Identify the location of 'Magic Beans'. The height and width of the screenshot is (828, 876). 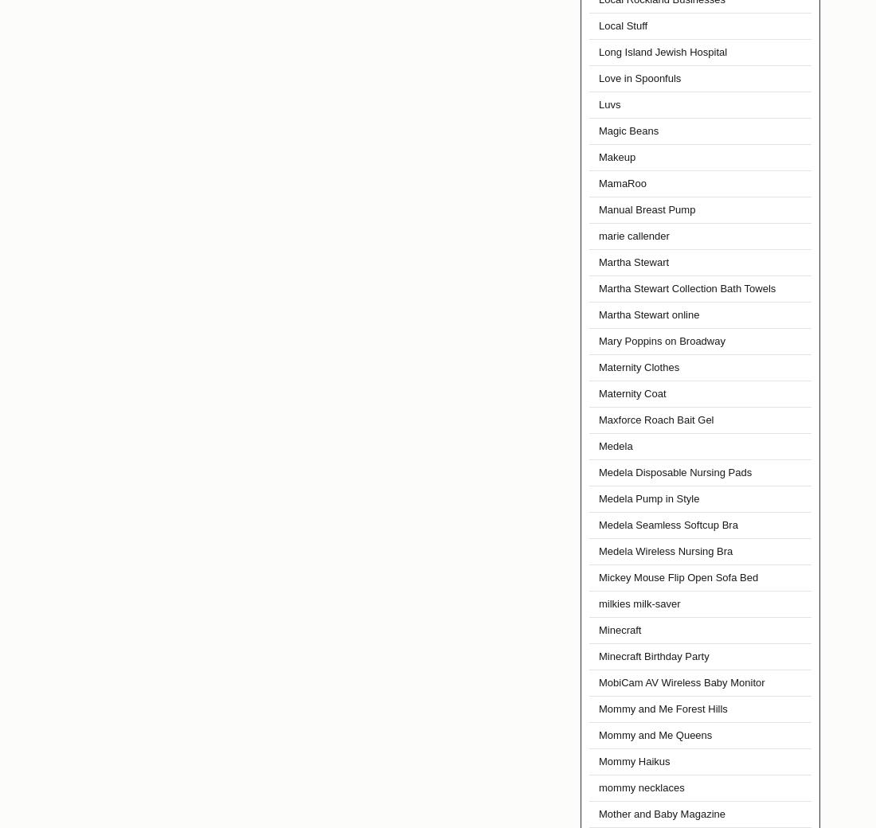
(628, 131).